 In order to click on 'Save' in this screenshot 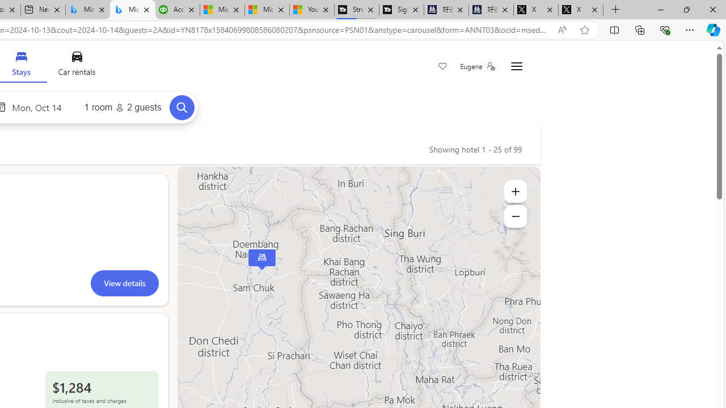, I will do `click(442, 67)`.